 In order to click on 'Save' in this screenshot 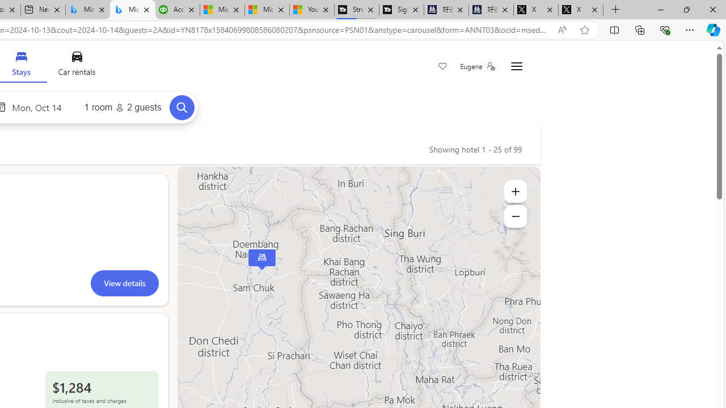, I will do `click(442, 67)`.